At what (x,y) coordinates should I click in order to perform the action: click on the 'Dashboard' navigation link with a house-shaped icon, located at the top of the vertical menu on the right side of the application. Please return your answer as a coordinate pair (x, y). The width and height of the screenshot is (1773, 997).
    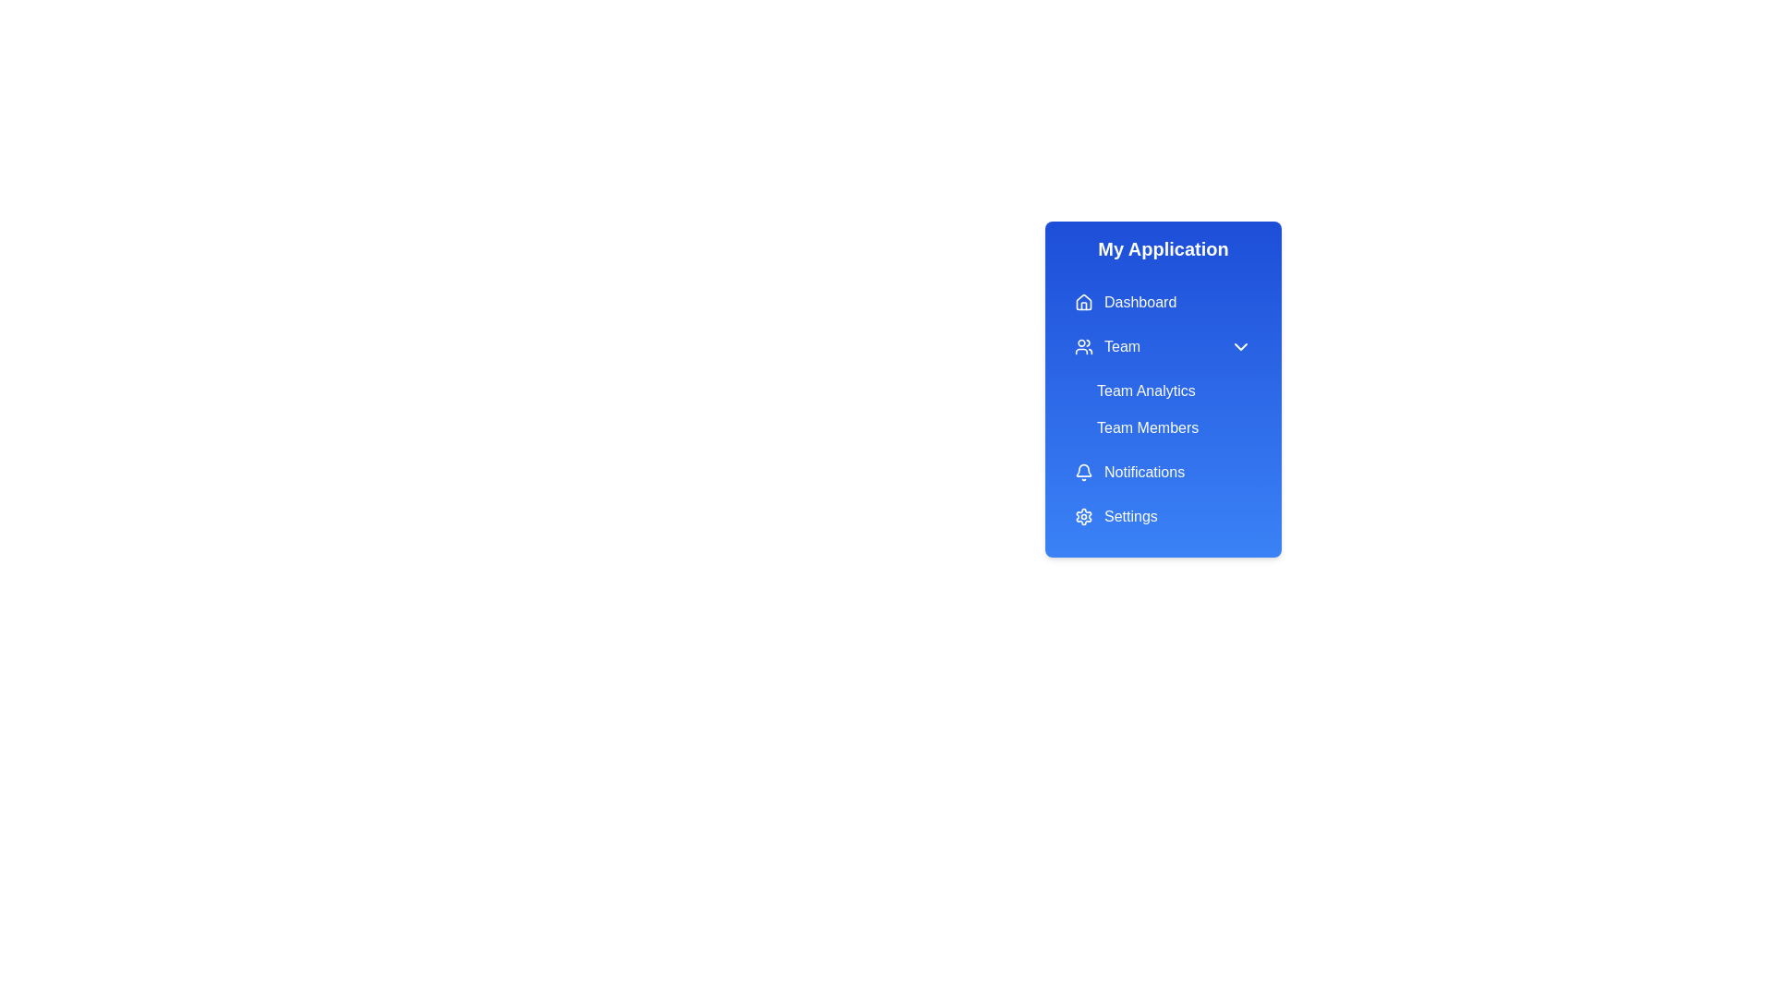
    Looking at the image, I should click on (1125, 301).